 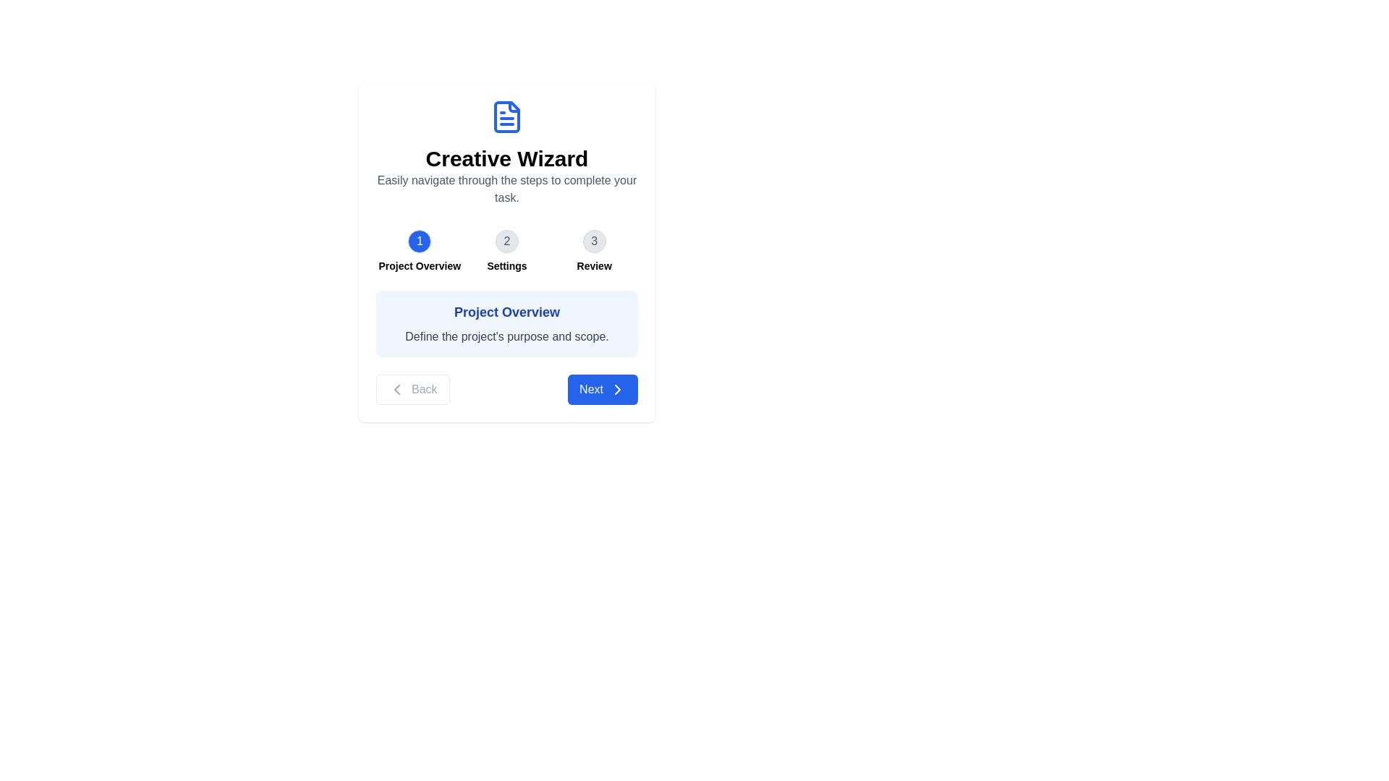 What do you see at coordinates (419, 265) in the screenshot?
I see `the label indicating the title or description of the first step in the multi-step process, which is centrally located below the circular icon labeled '1'` at bounding box center [419, 265].